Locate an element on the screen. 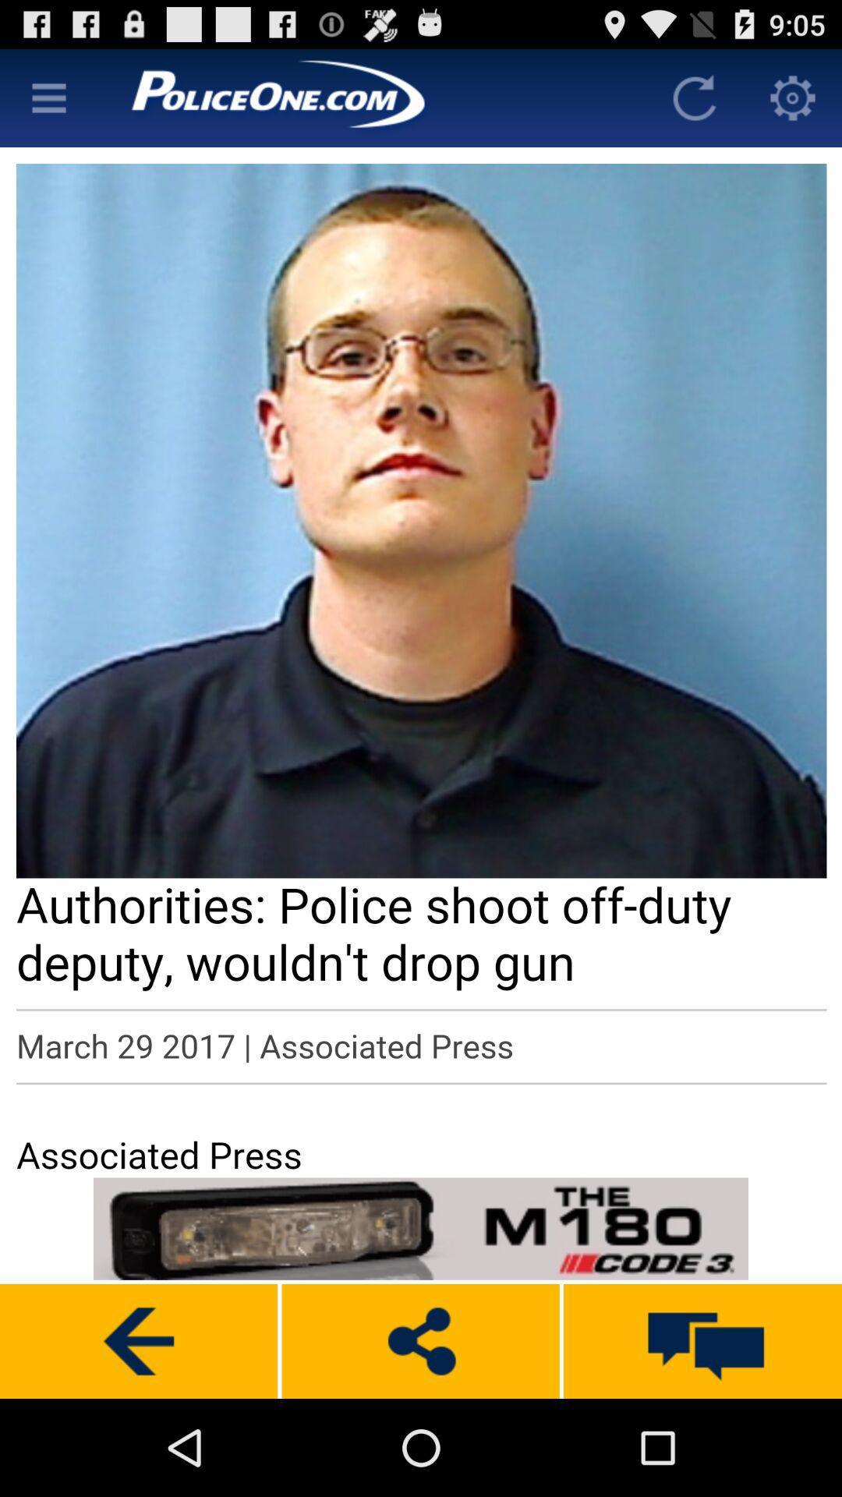  website 's or app 's logo is located at coordinates (372, 97).